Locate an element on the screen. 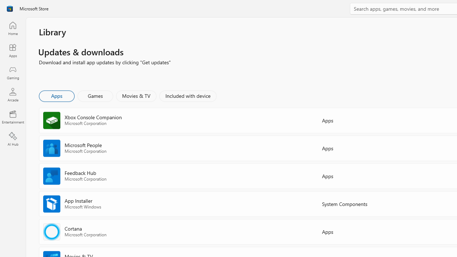  'AI Hub' is located at coordinates (12, 139).